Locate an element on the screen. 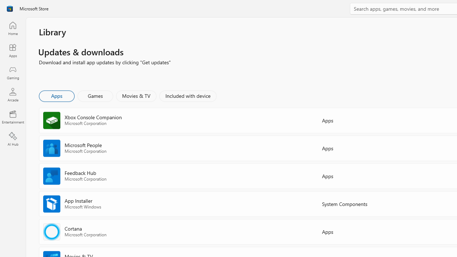  'AI Hub' is located at coordinates (12, 139).